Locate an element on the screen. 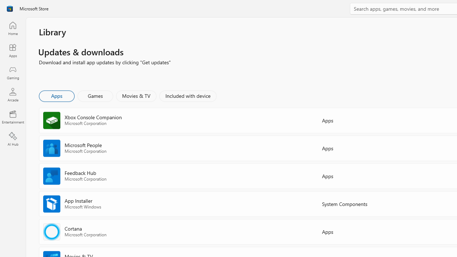  'AI Hub' is located at coordinates (12, 139).